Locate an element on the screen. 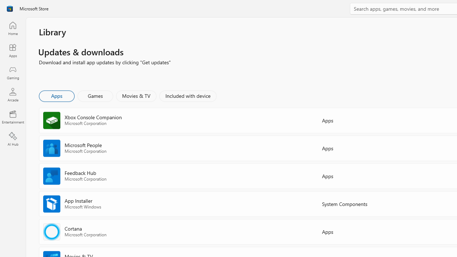  'AI Hub' is located at coordinates (12, 139).